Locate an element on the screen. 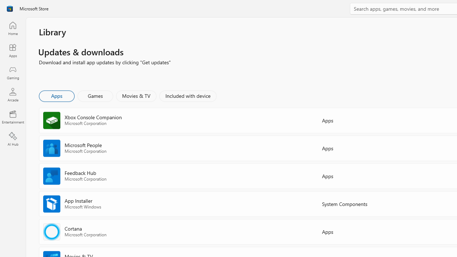  'AI Hub' is located at coordinates (12, 139).